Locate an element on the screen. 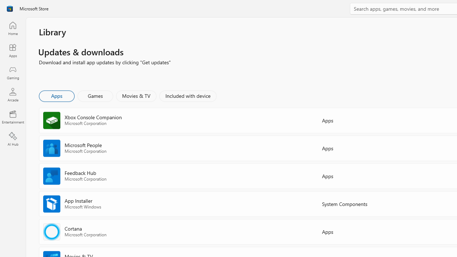  'AI Hub' is located at coordinates (12, 139).